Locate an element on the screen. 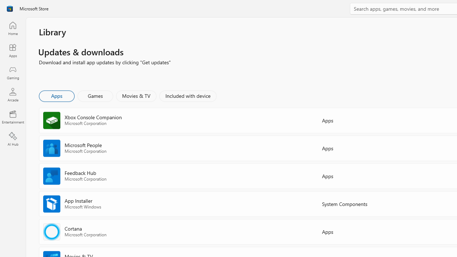  'AI Hub' is located at coordinates (12, 139).